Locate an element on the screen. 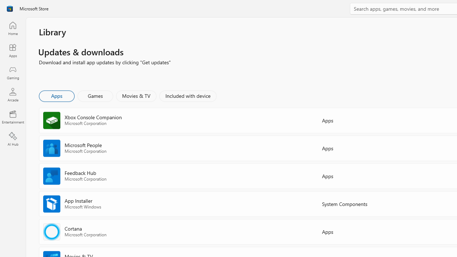  'AI Hub' is located at coordinates (12, 139).